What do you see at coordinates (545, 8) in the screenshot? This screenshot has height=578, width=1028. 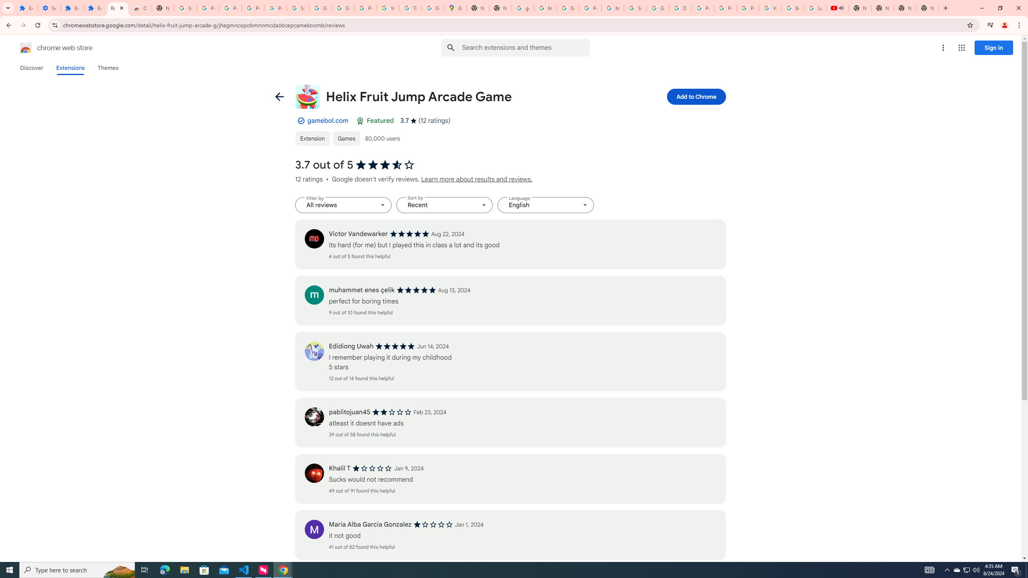 I see `'https://scholar.google.com/'` at bounding box center [545, 8].